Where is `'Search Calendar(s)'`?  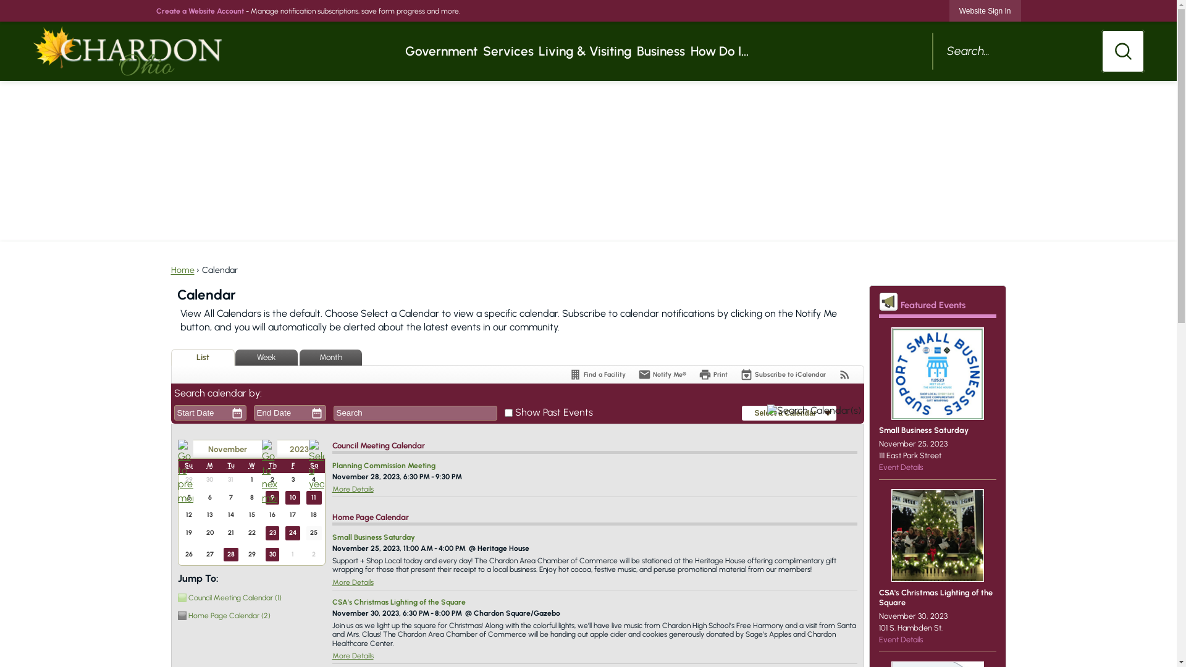 'Search Calendar(s)' is located at coordinates (814, 413).